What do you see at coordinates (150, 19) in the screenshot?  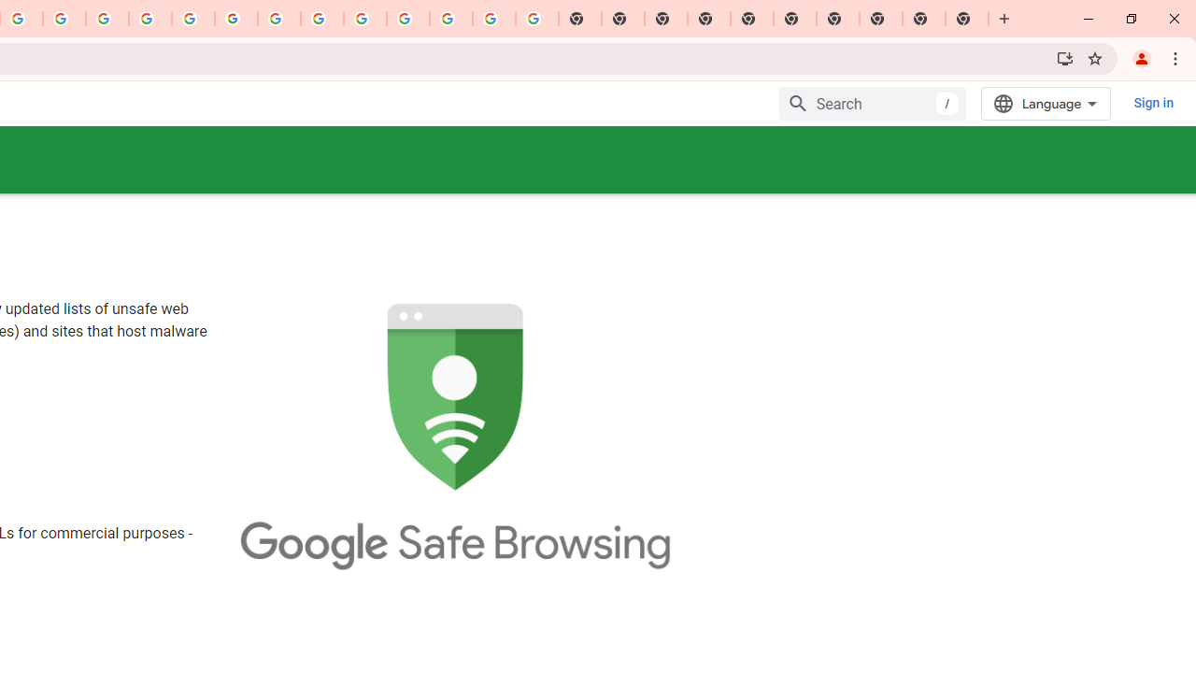 I see `'Privacy Help Center - Policies Help'` at bounding box center [150, 19].